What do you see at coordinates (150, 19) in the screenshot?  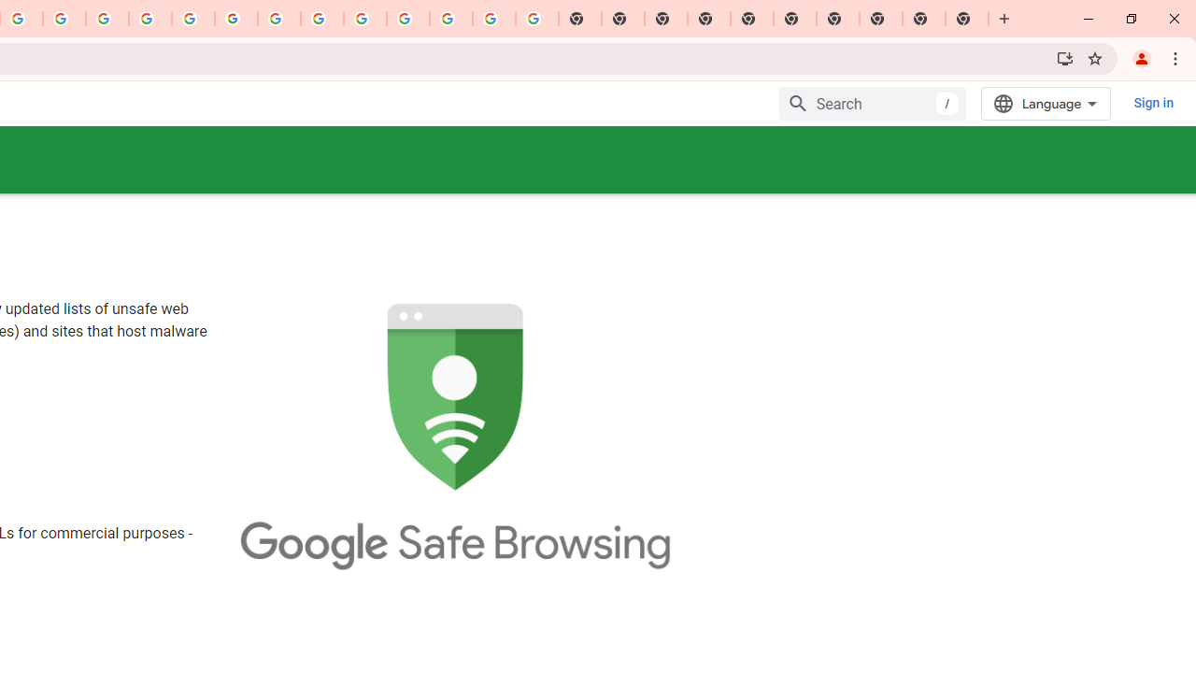 I see `'Privacy Help Center - Policies Help'` at bounding box center [150, 19].